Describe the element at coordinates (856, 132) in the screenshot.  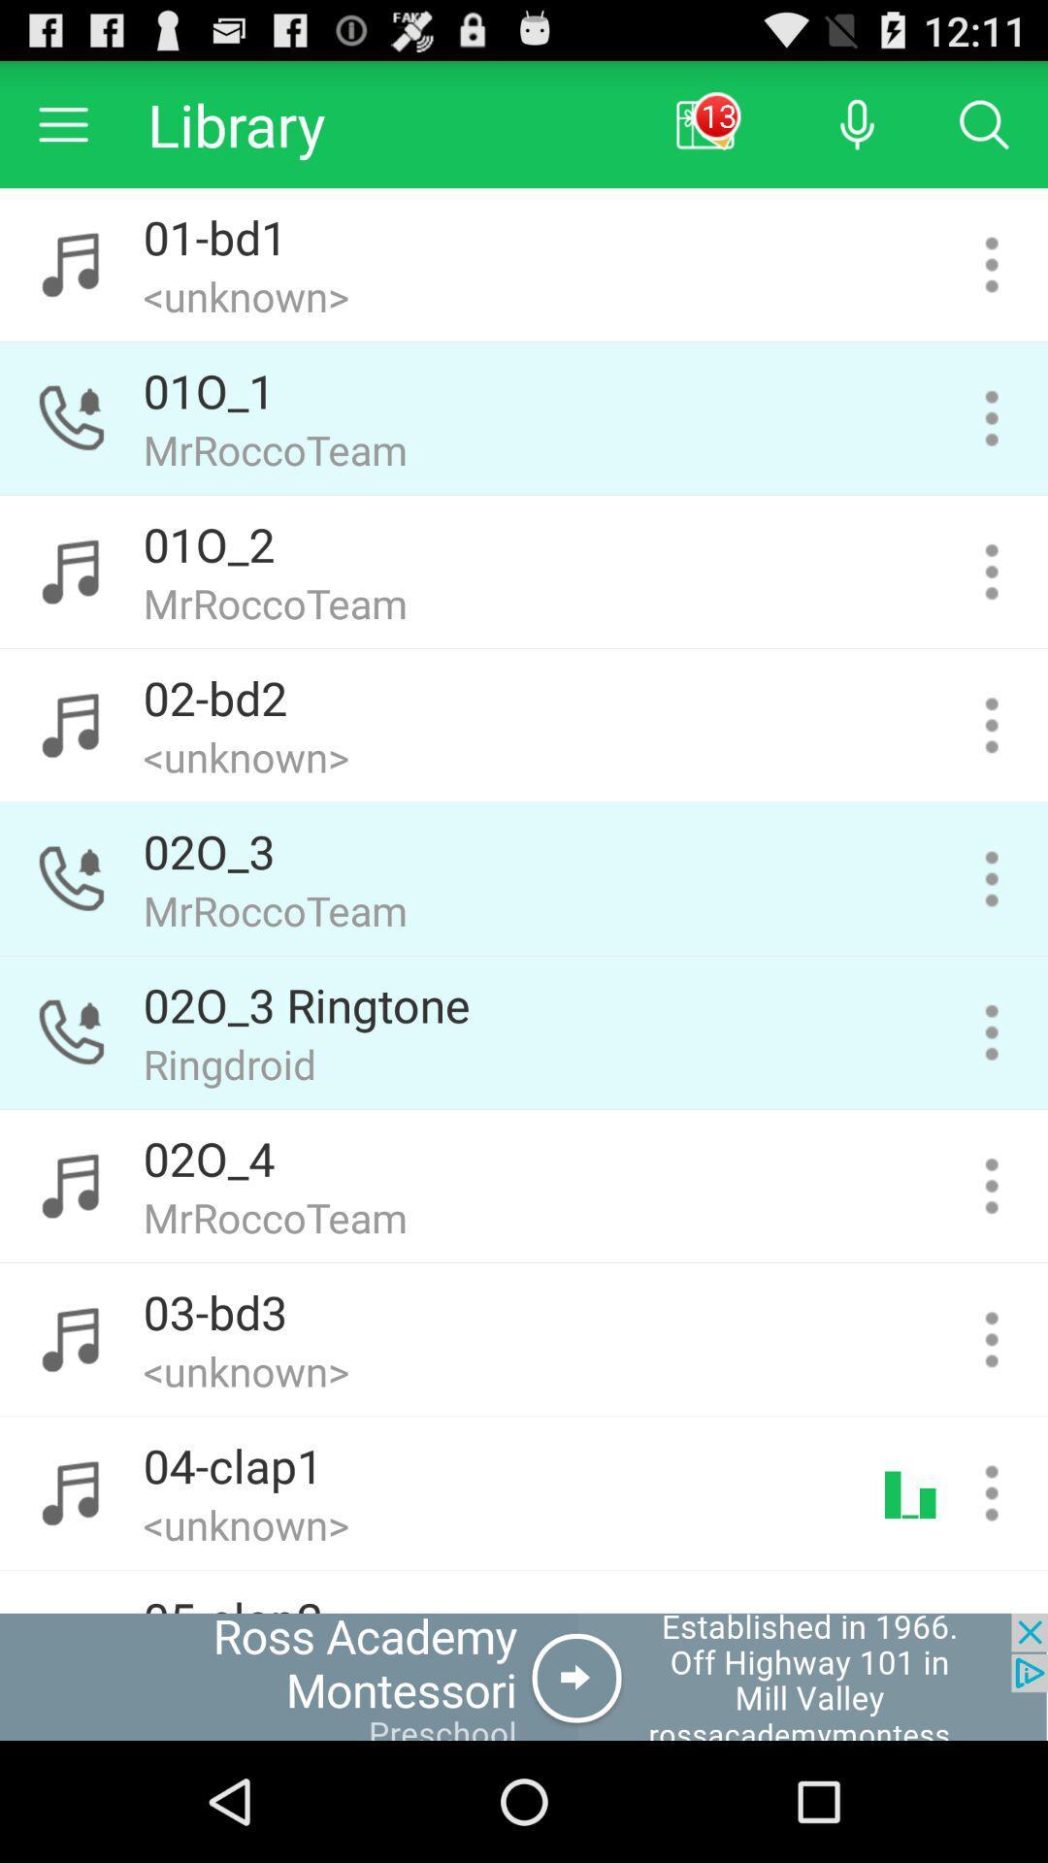
I see `the microphone icon` at that location.